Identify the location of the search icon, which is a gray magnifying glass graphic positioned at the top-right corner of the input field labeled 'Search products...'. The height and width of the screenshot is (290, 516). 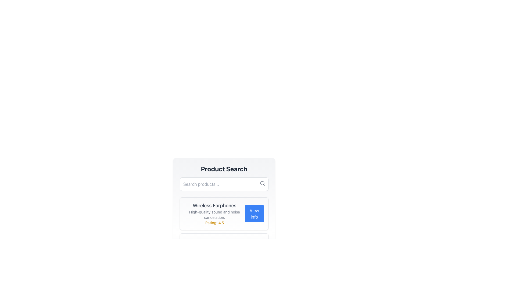
(263, 183).